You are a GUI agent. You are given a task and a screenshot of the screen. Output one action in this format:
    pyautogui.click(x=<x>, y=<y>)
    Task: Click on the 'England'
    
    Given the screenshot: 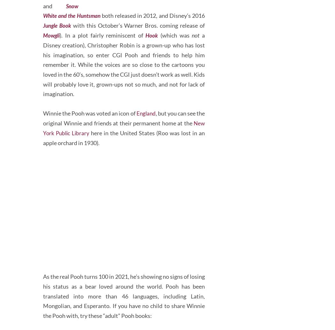 What is the action you would take?
    pyautogui.click(x=152, y=136)
    